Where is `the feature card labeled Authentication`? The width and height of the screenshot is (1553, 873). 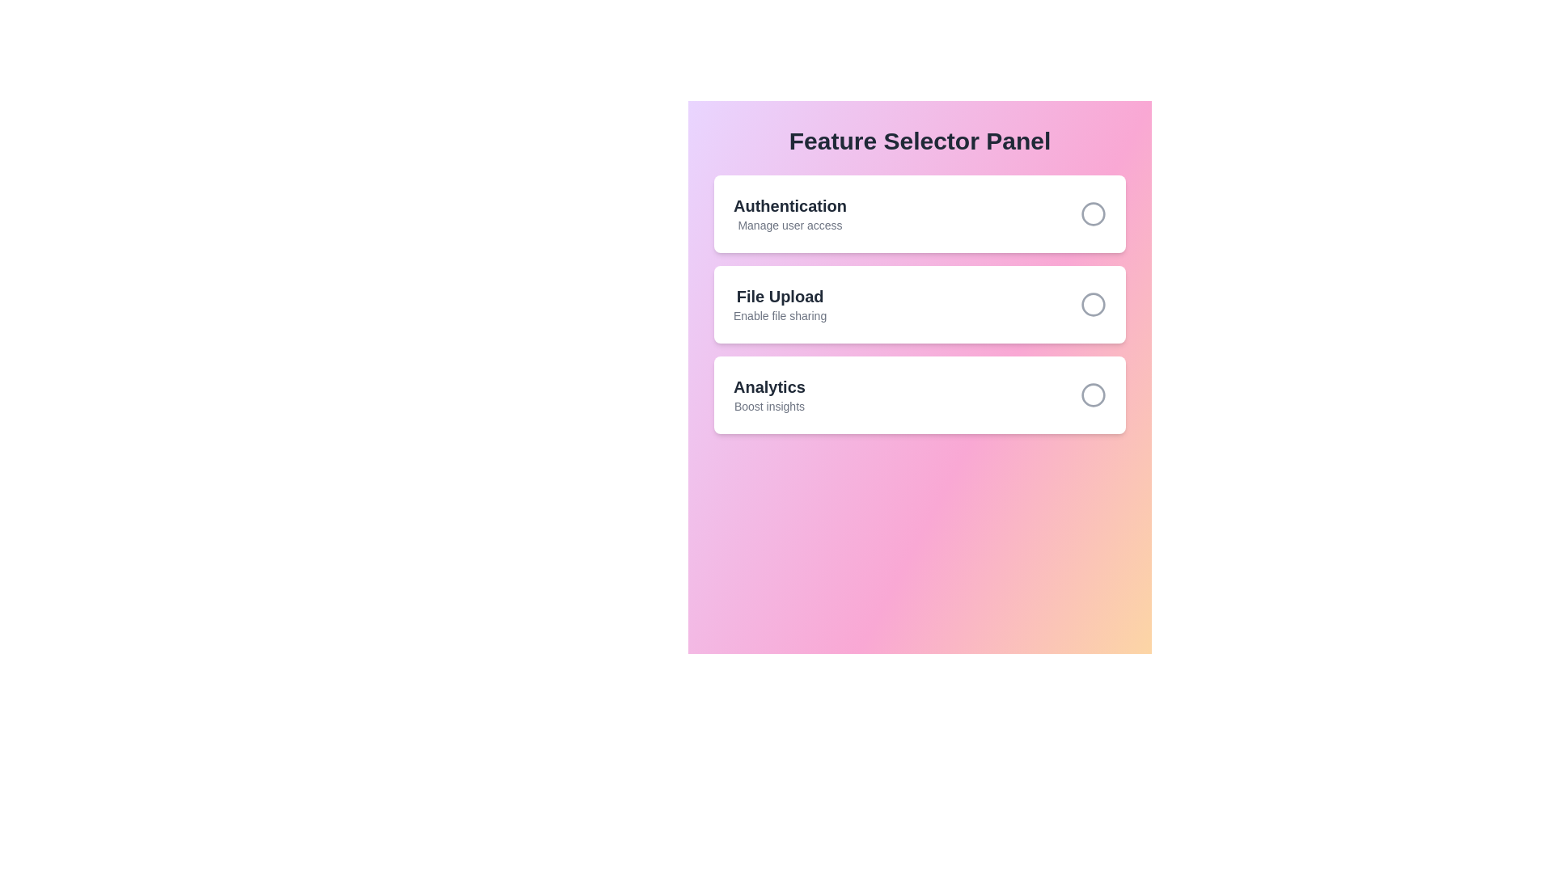
the feature card labeled Authentication is located at coordinates (920, 213).